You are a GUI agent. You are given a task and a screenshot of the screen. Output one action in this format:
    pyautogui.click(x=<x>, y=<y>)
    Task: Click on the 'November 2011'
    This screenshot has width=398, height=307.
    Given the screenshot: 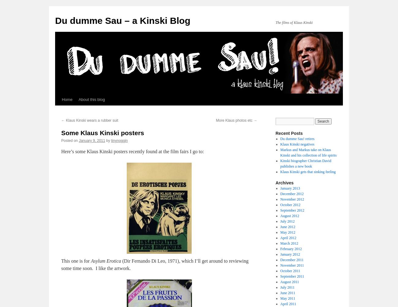 What is the action you would take?
    pyautogui.click(x=292, y=265)
    